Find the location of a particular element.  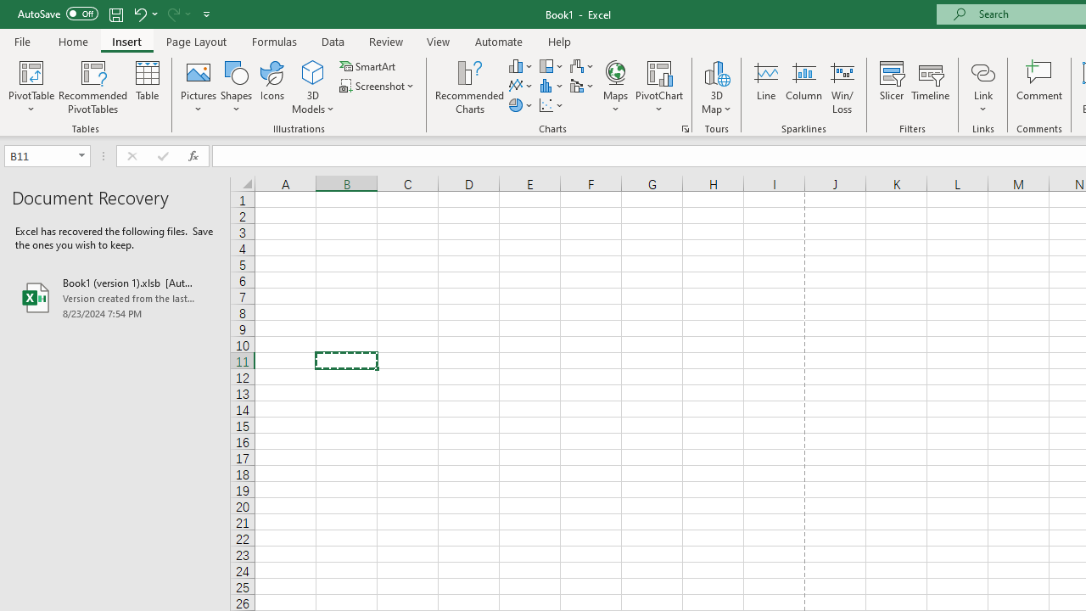

'Insert Line or Area Chart' is located at coordinates (521, 86).